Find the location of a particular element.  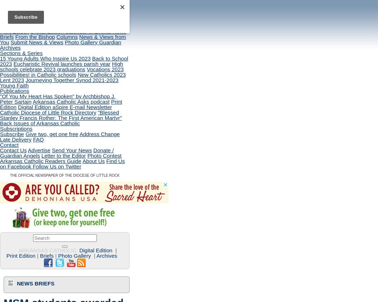

'aSpire E-mail Newsletter' is located at coordinates (82, 107).